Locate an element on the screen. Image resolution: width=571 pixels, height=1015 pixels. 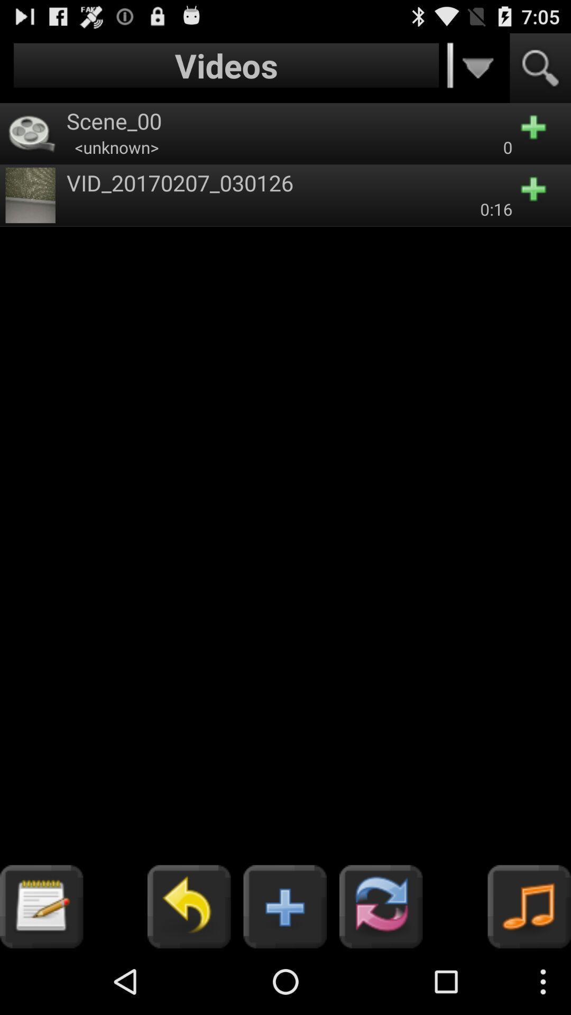
the add icon is located at coordinates (284, 970).